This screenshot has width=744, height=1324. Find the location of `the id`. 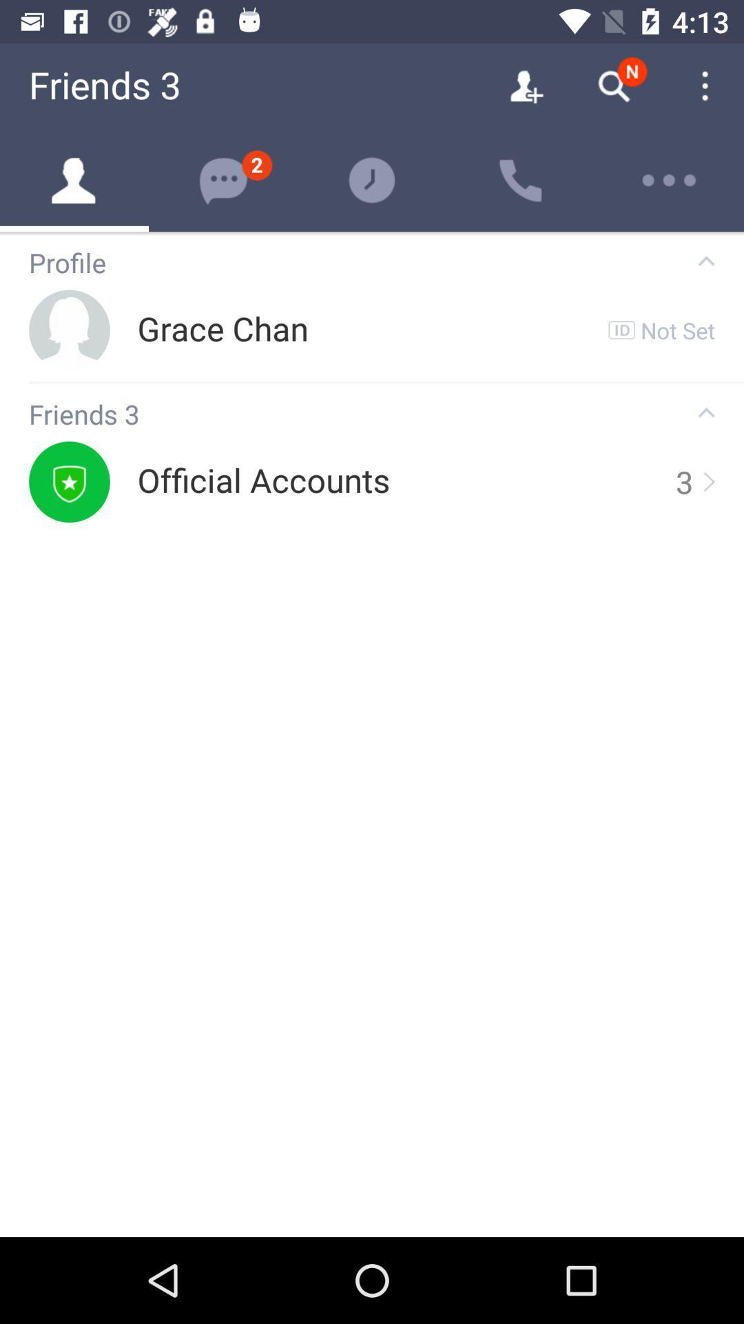

the id is located at coordinates (621, 330).